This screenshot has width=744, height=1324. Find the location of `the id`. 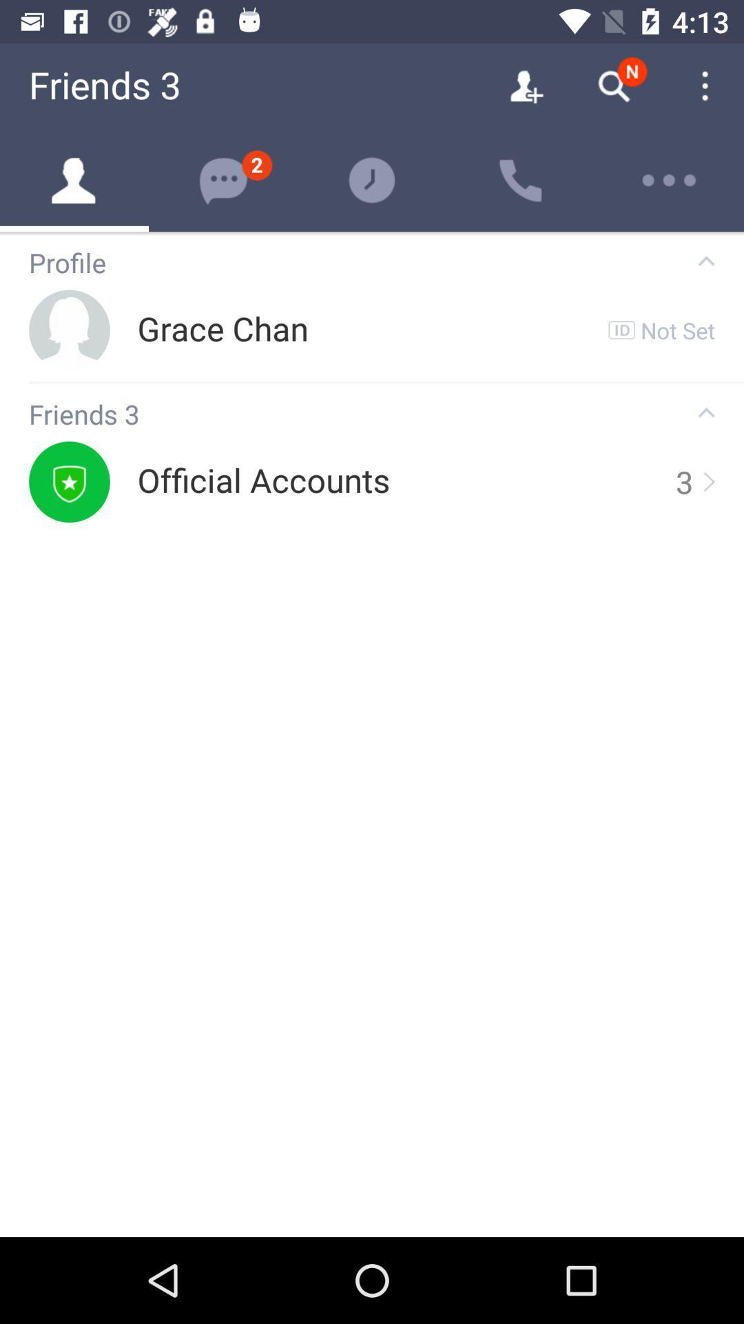

the id is located at coordinates (621, 330).